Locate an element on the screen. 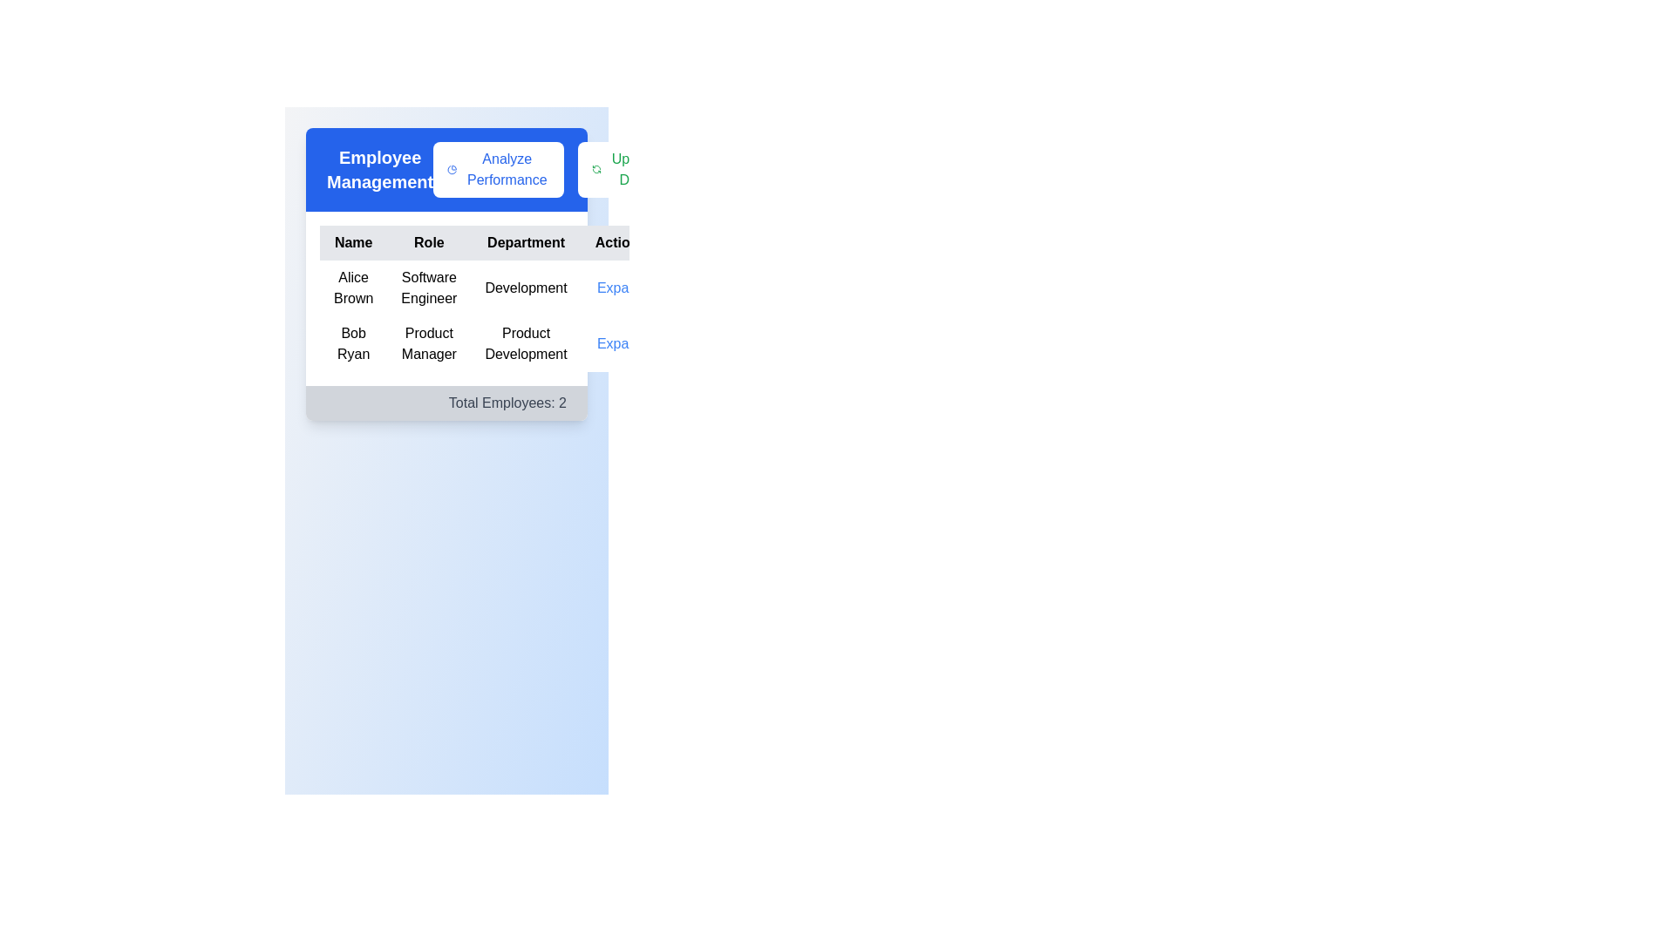 This screenshot has height=941, width=1674. the button labeled 'Analyze Performance' located in the top-right section of the blue header bar for accessibility interactions is located at coordinates (552, 170).